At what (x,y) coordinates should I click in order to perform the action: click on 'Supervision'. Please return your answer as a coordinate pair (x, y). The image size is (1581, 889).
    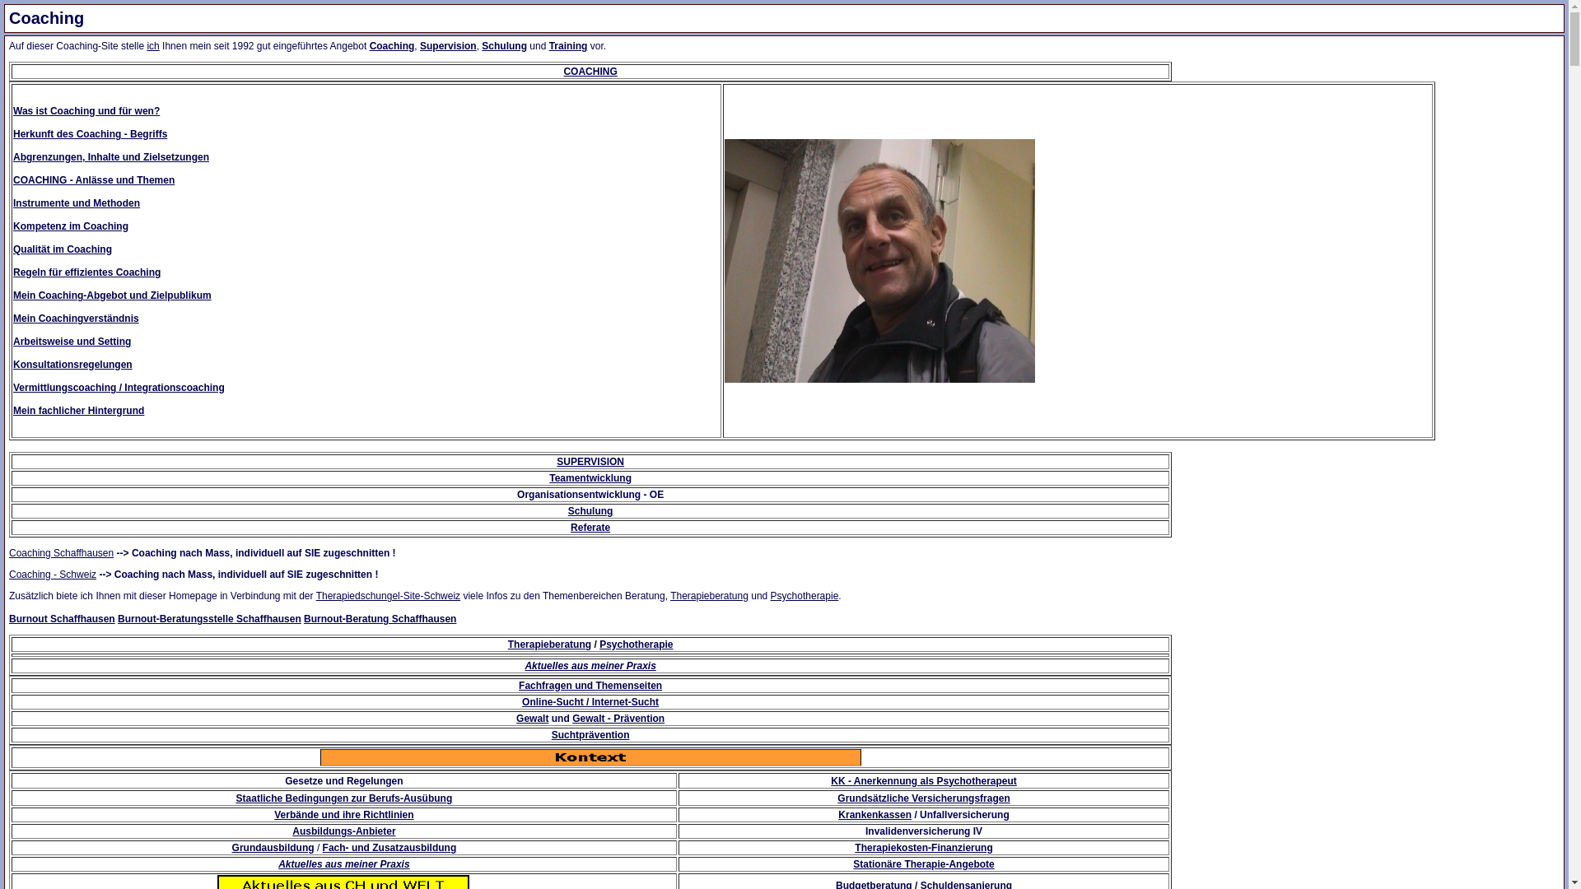
    Looking at the image, I should click on (419, 45).